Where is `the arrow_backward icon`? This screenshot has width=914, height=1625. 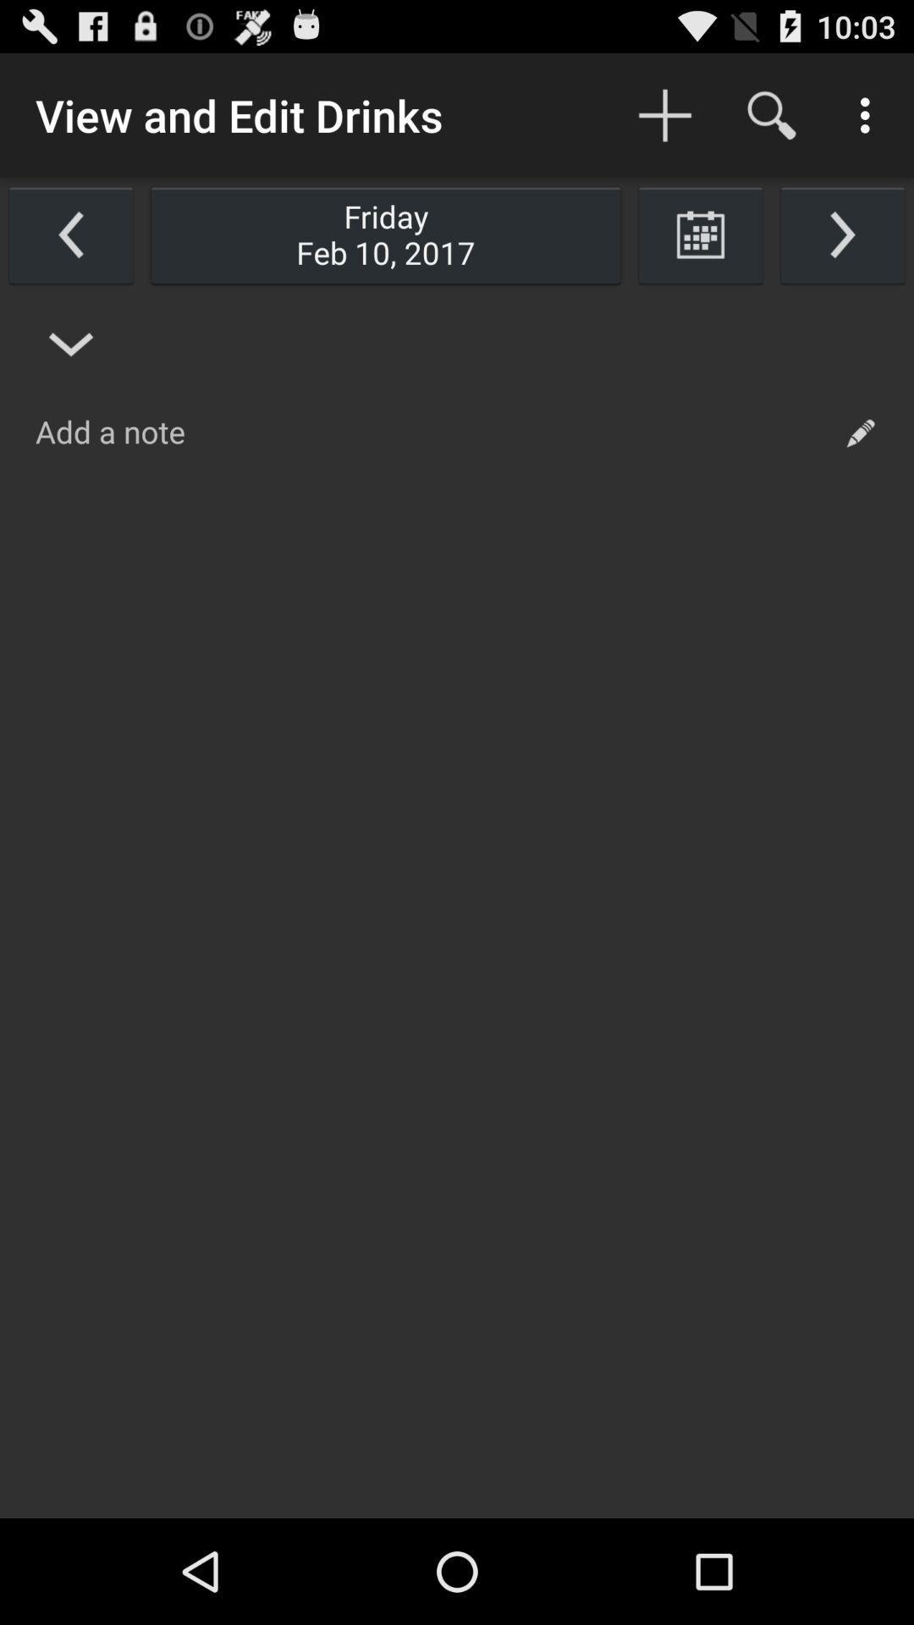
the arrow_backward icon is located at coordinates (70, 250).